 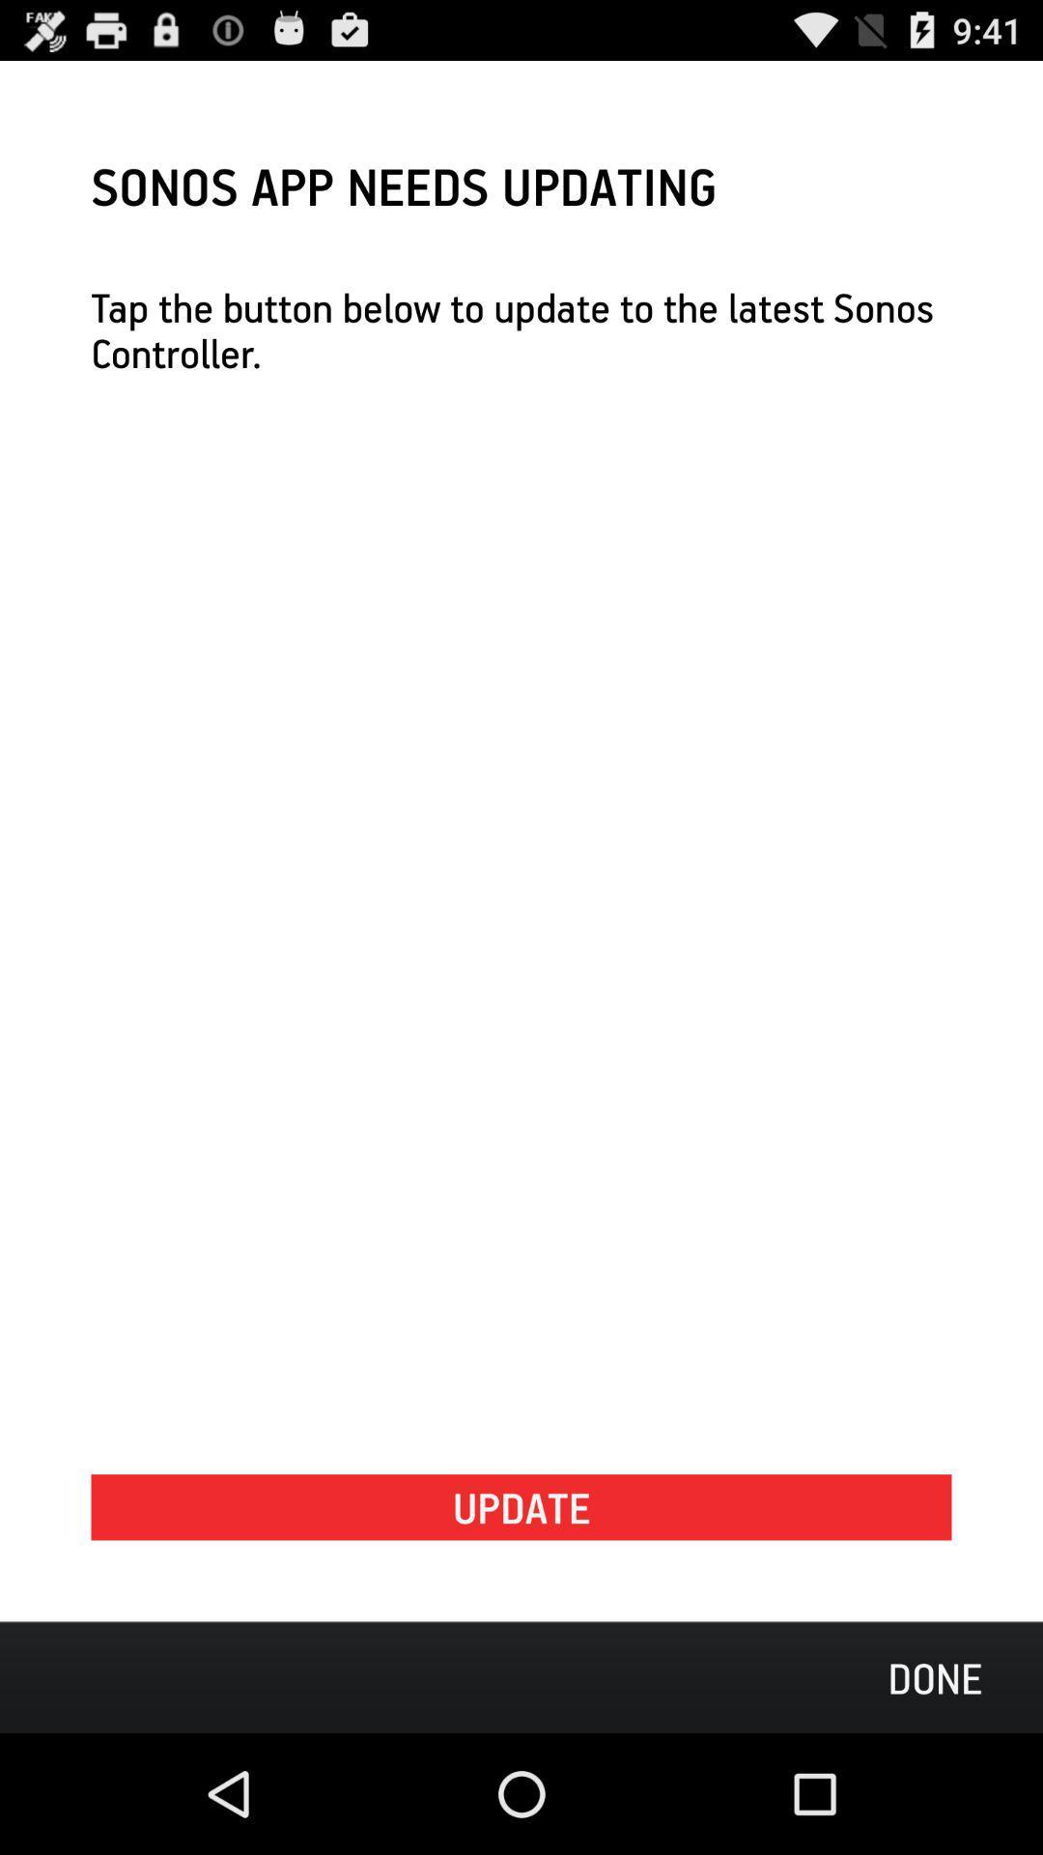 I want to click on the done icon, so click(x=934, y=1676).